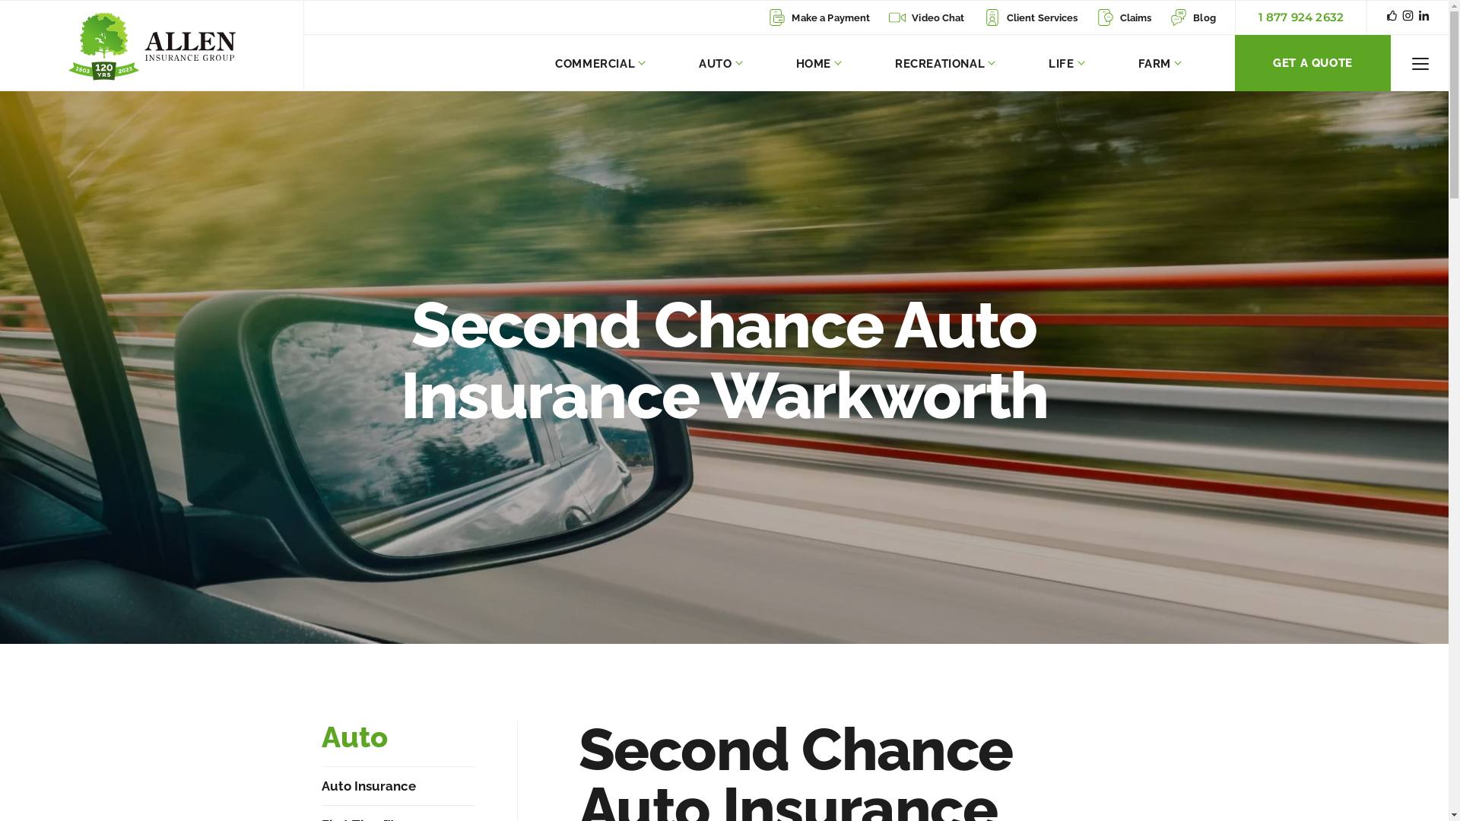  What do you see at coordinates (697, 62) in the screenshot?
I see `'AUTO'` at bounding box center [697, 62].